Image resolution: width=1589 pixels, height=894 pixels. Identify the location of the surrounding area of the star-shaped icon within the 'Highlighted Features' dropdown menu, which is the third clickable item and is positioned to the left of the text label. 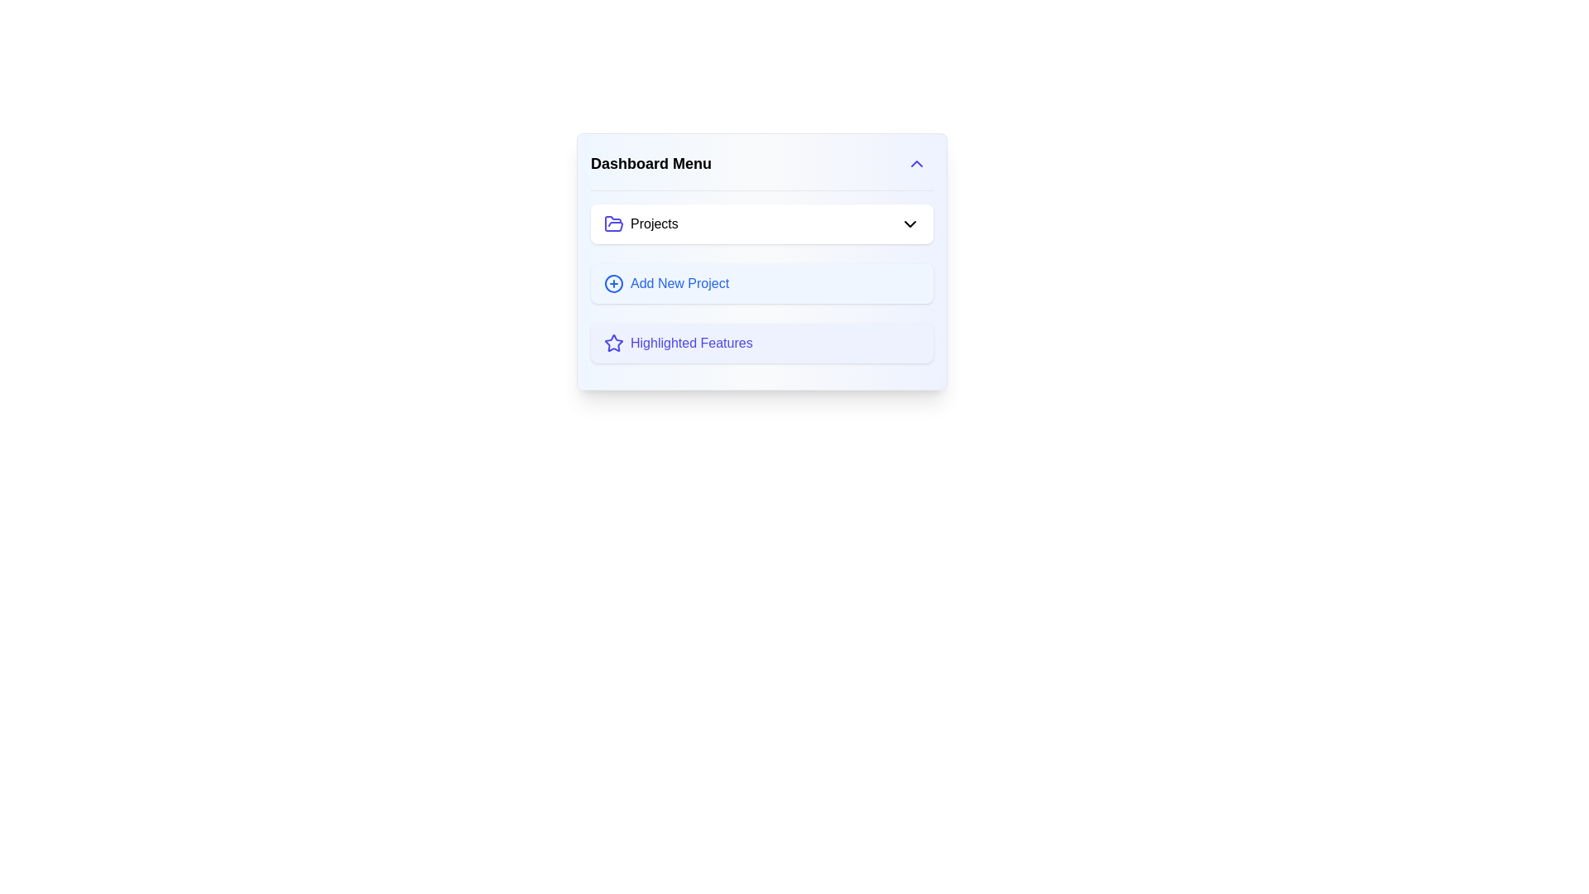
(613, 343).